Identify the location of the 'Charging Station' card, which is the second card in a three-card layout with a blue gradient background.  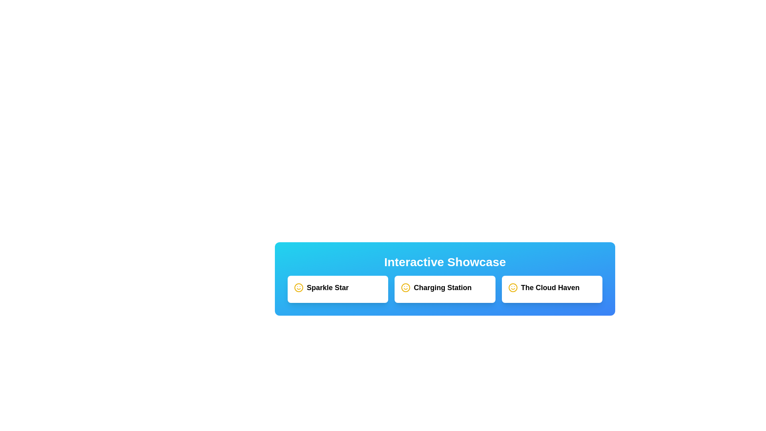
(444, 289).